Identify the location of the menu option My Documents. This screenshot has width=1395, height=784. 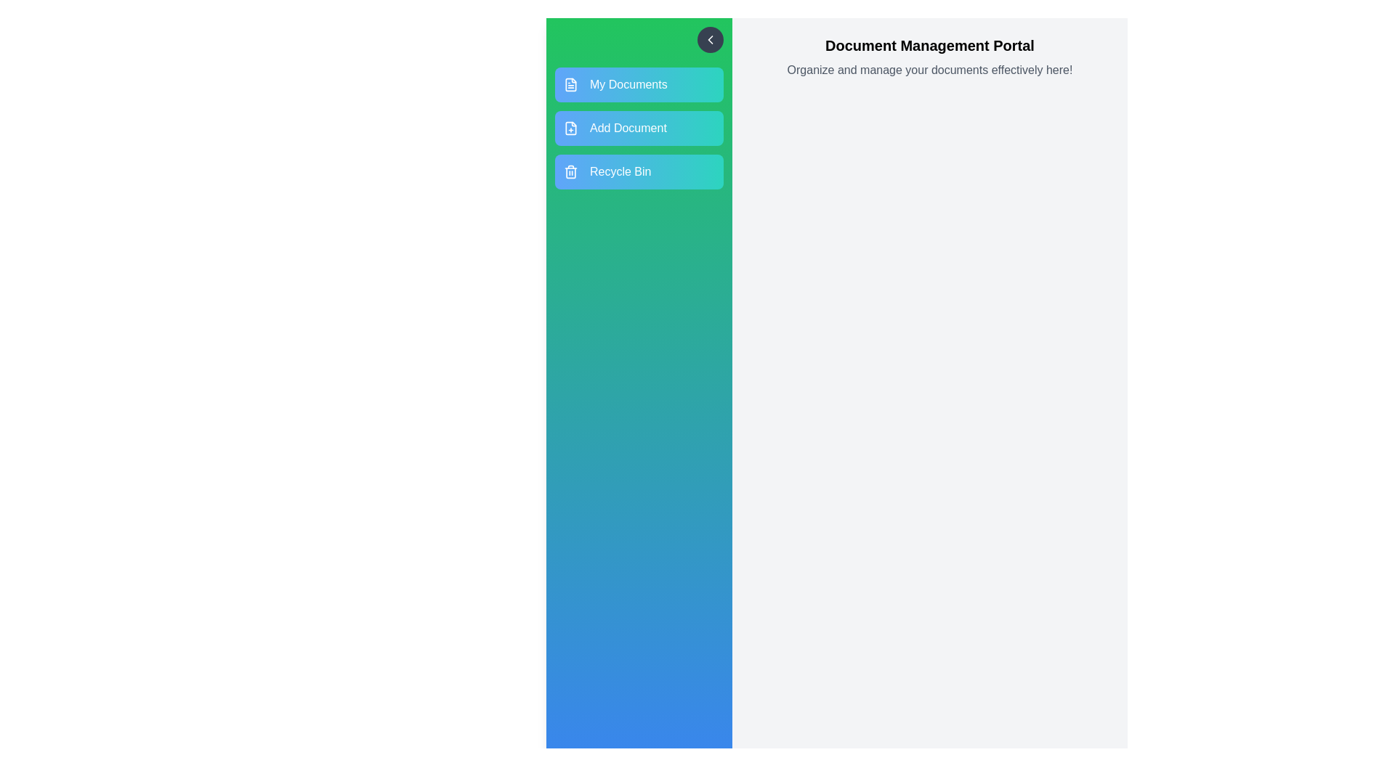
(639, 84).